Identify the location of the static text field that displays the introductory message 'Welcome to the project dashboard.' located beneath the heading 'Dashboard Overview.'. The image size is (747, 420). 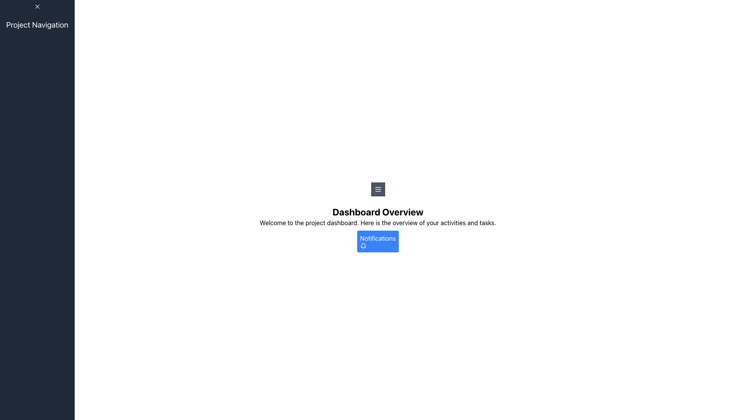
(378, 223).